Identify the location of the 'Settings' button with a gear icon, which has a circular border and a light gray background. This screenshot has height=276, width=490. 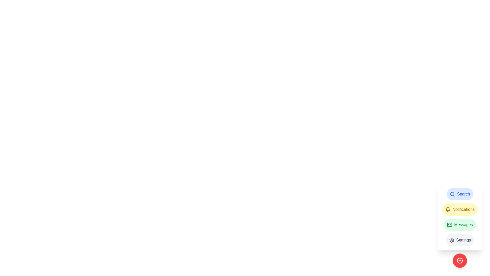
(460, 240).